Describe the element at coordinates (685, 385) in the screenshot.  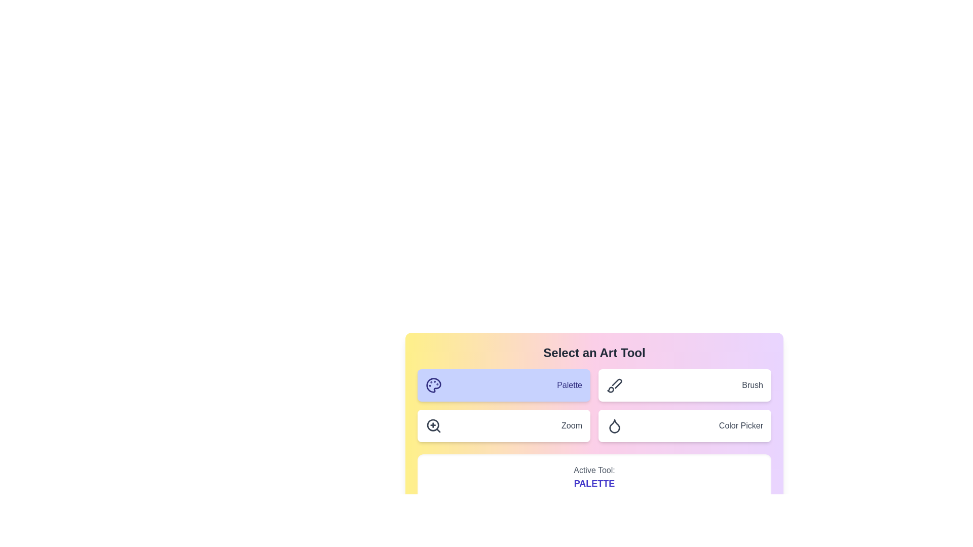
I see `the tool Brush by clicking its corresponding button` at that location.